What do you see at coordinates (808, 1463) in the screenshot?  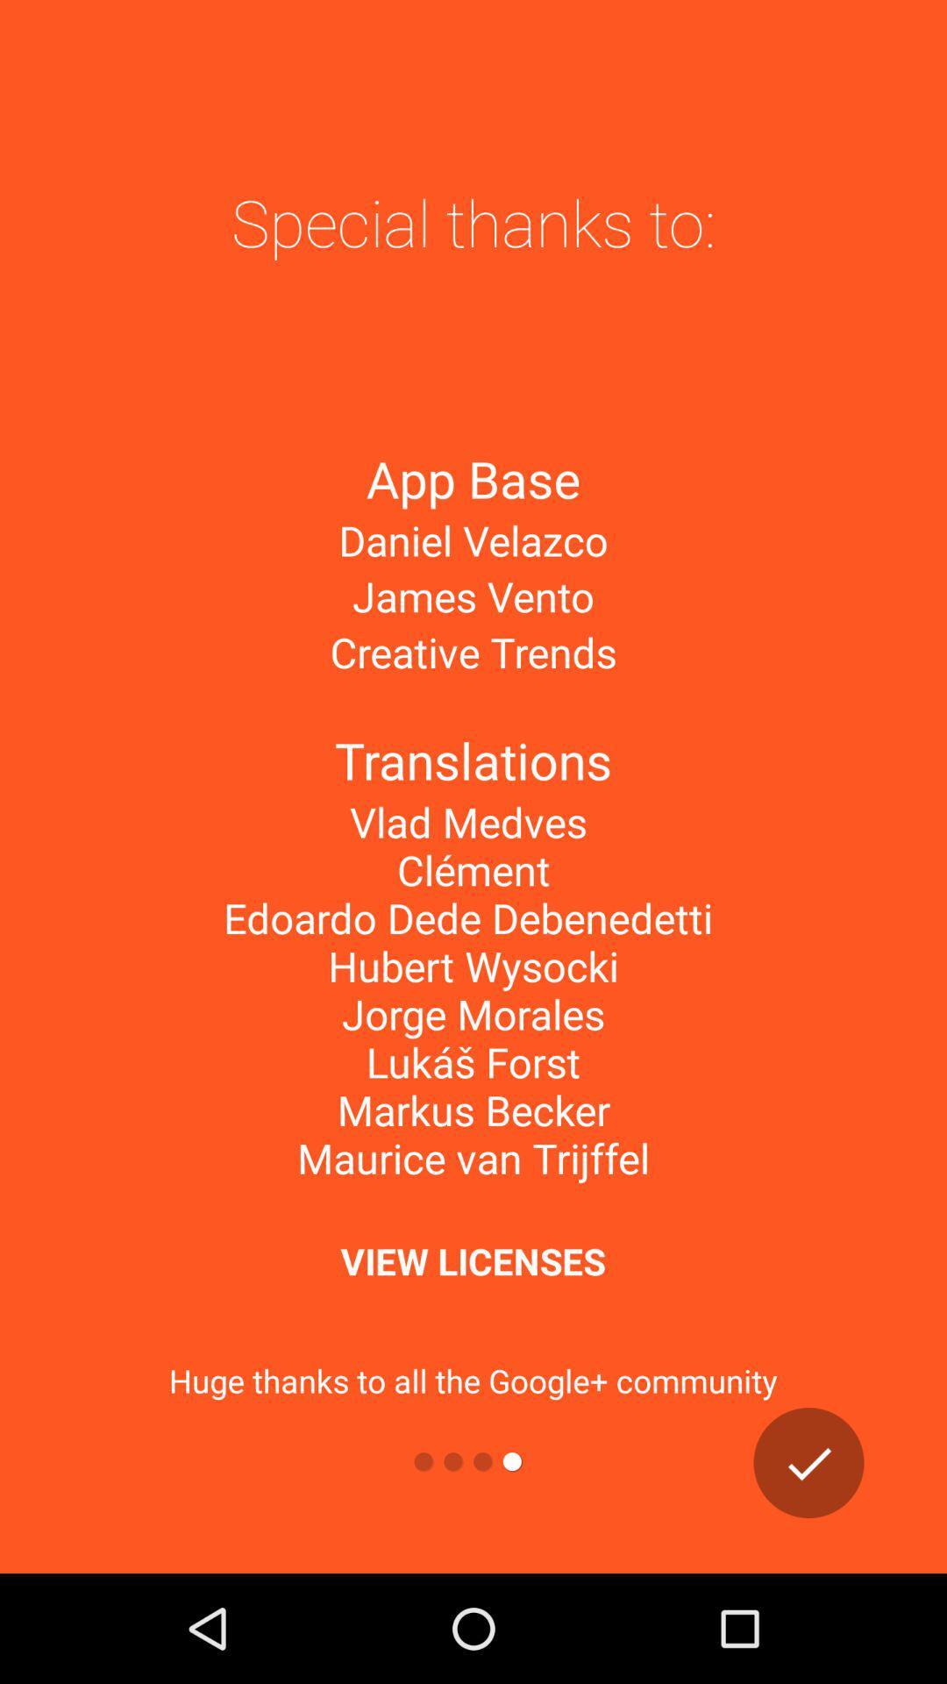 I see `item at the bottom right corner` at bounding box center [808, 1463].